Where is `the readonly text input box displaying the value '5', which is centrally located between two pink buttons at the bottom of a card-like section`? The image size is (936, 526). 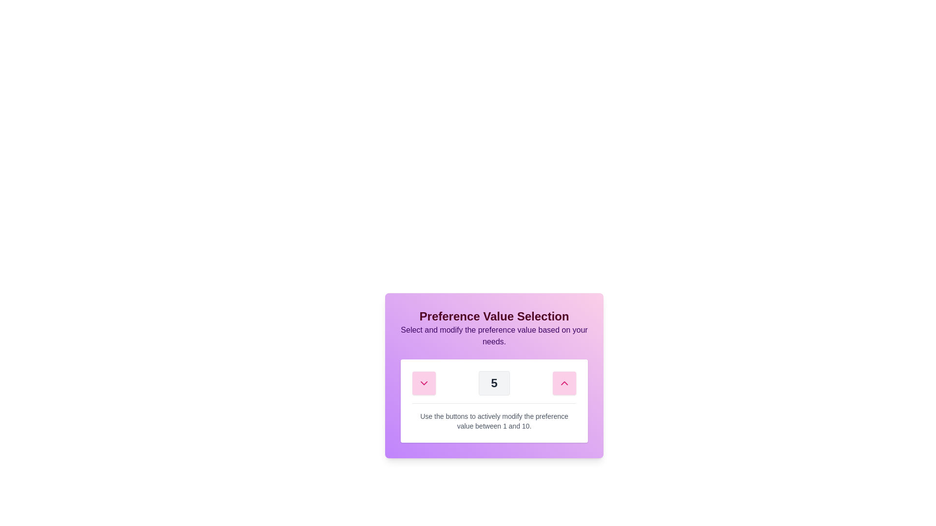 the readonly text input box displaying the value '5', which is centrally located between two pink buttons at the bottom of a card-like section is located at coordinates (494, 382).